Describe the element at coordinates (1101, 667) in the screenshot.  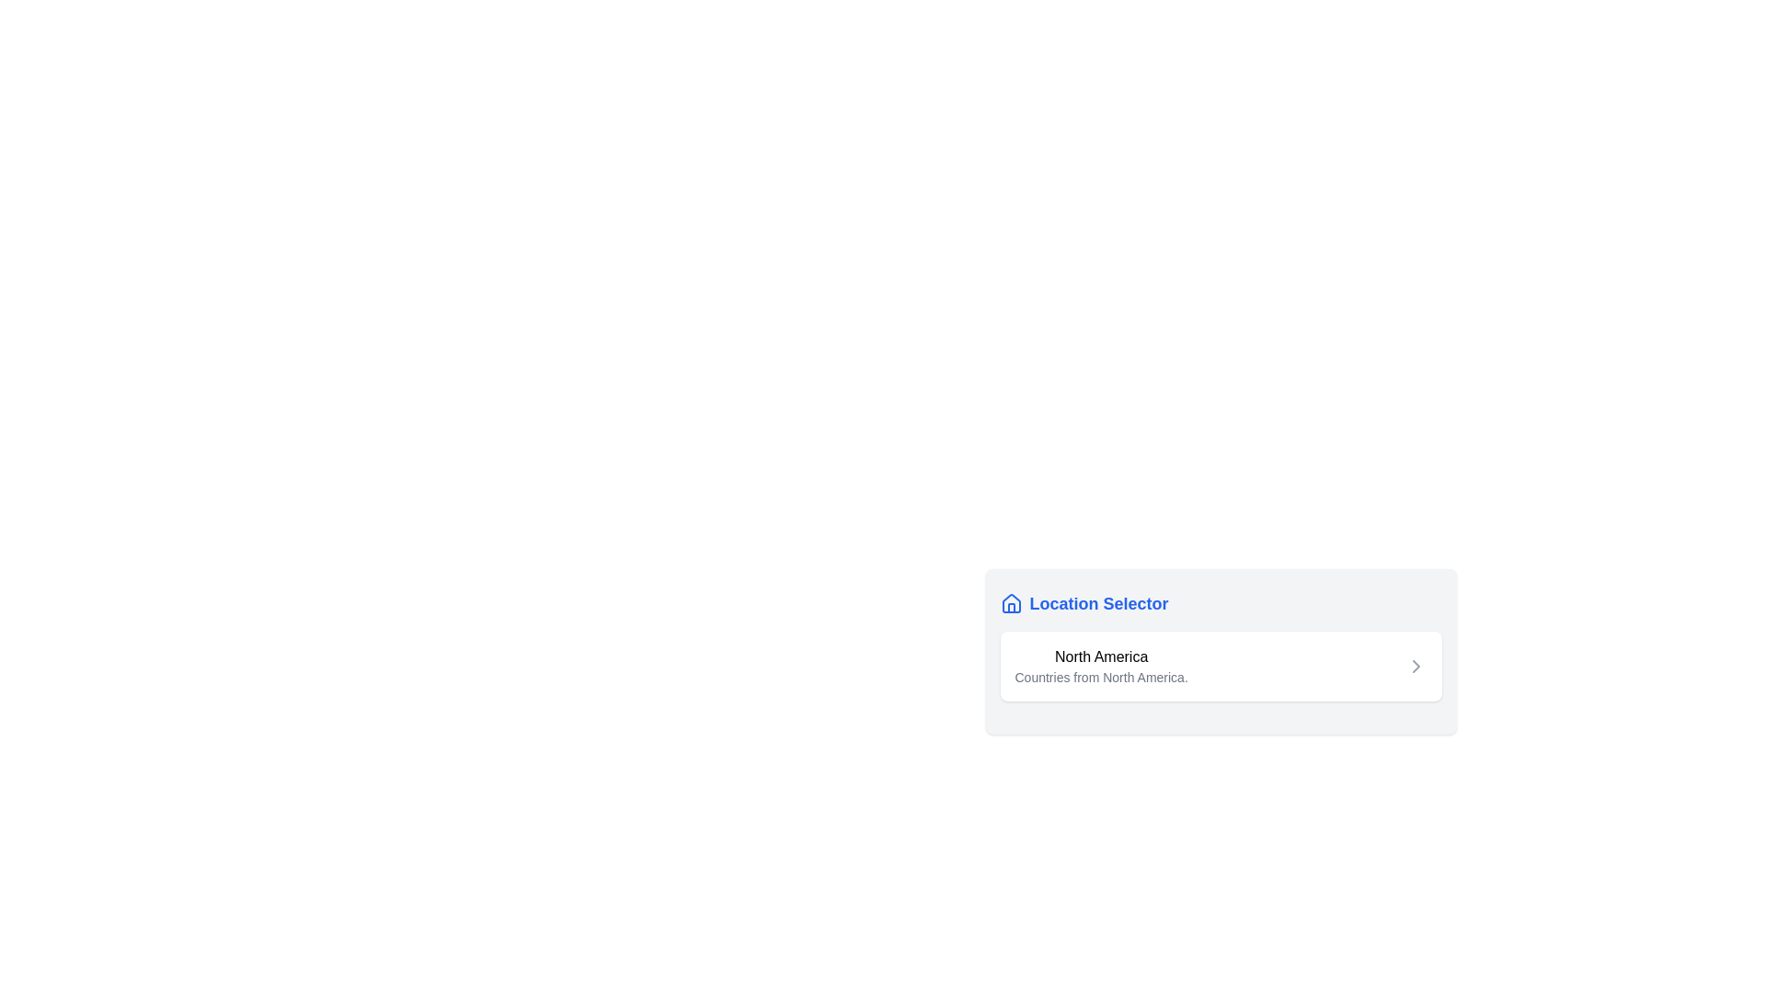
I see `the Text display indicating a category or section related to North America, which is positioned to the left of a right-pointing chevron icon within a clickable card` at that location.